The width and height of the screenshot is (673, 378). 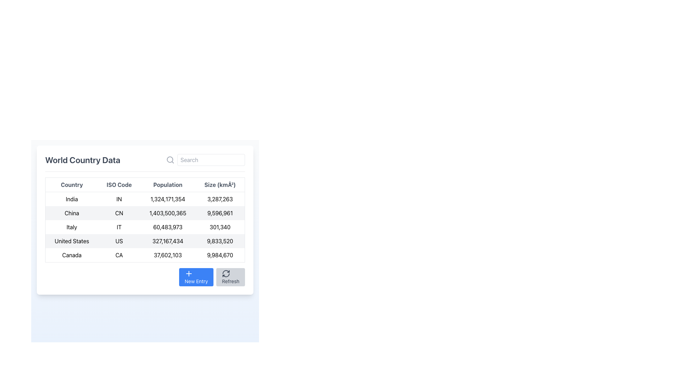 What do you see at coordinates (167, 255) in the screenshot?
I see `the static text element displaying the population number '37,602,103' for Canada in the 'Population' column` at bounding box center [167, 255].